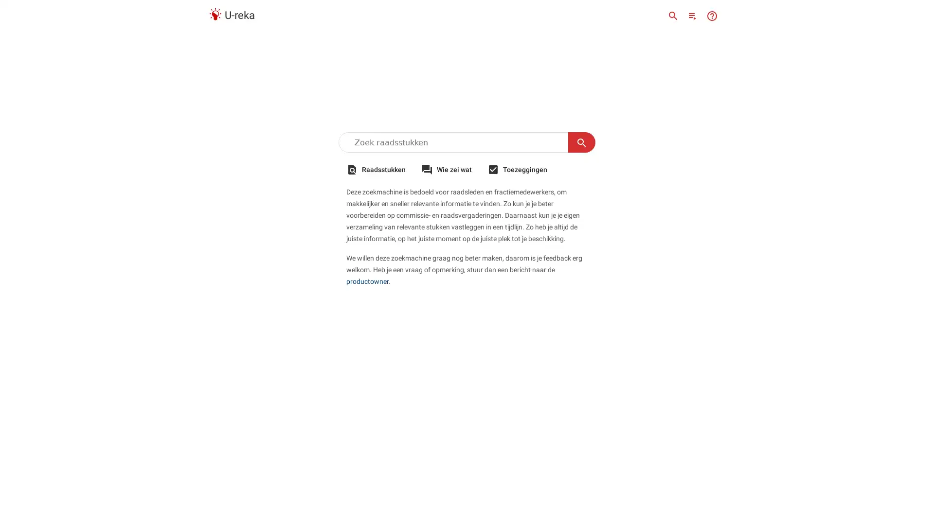 The width and height of the screenshot is (934, 525). Describe the element at coordinates (581, 142) in the screenshot. I see `Search` at that location.